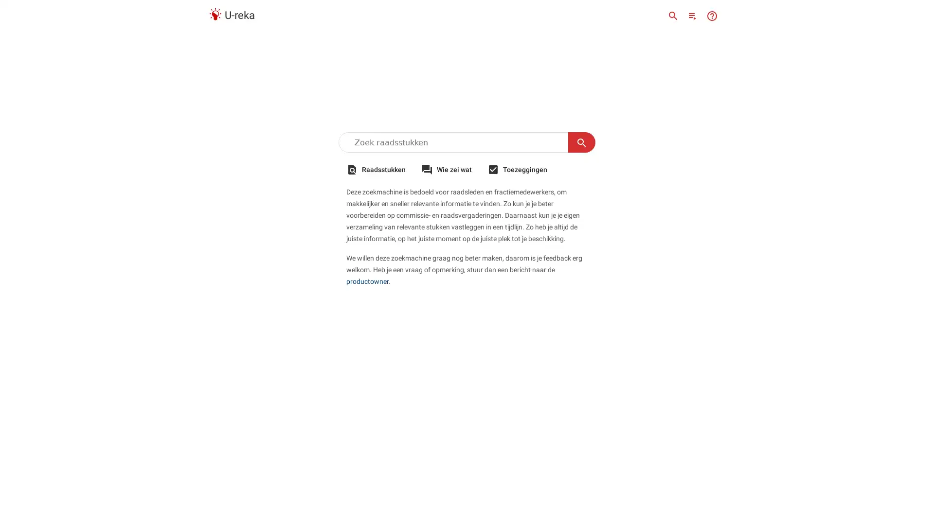 The width and height of the screenshot is (934, 525). Describe the element at coordinates (581, 142) in the screenshot. I see `Search` at that location.